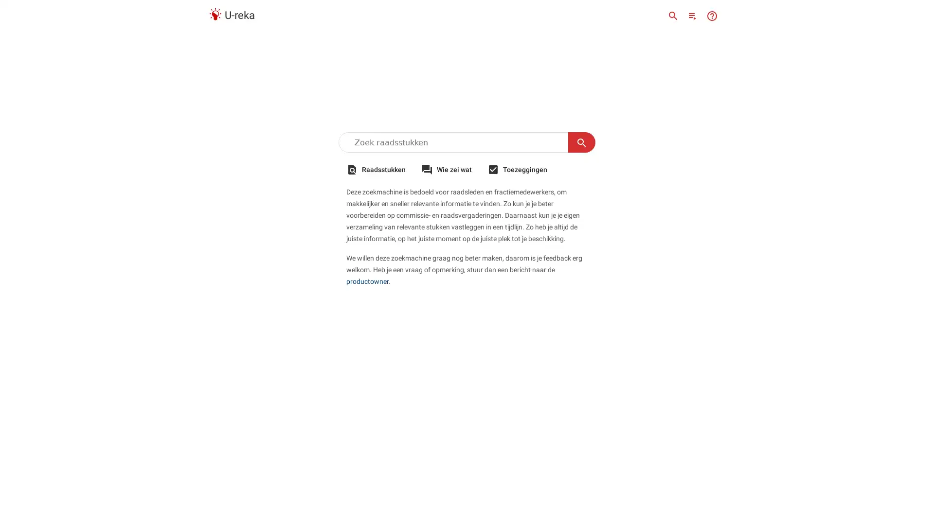 The width and height of the screenshot is (934, 525). Describe the element at coordinates (581, 142) in the screenshot. I see `Search` at that location.